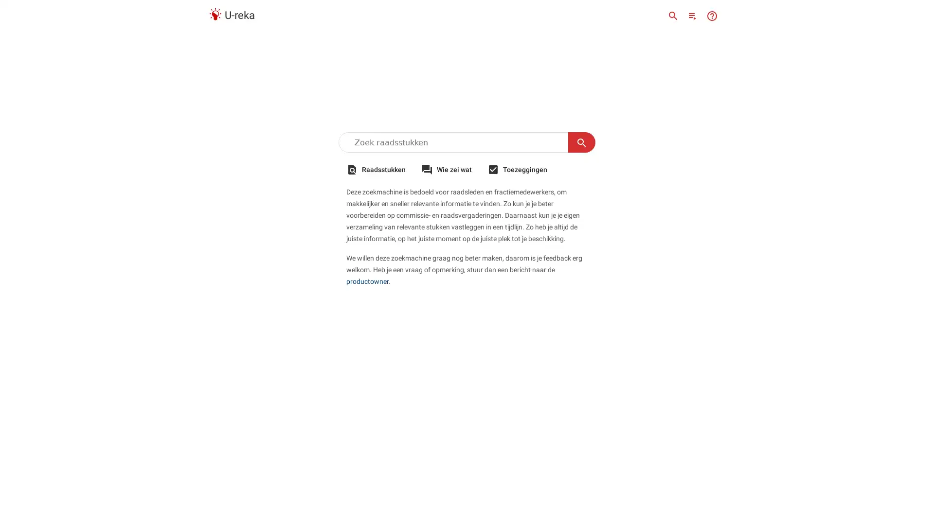 The width and height of the screenshot is (934, 525). Describe the element at coordinates (581, 142) in the screenshot. I see `Search` at that location.